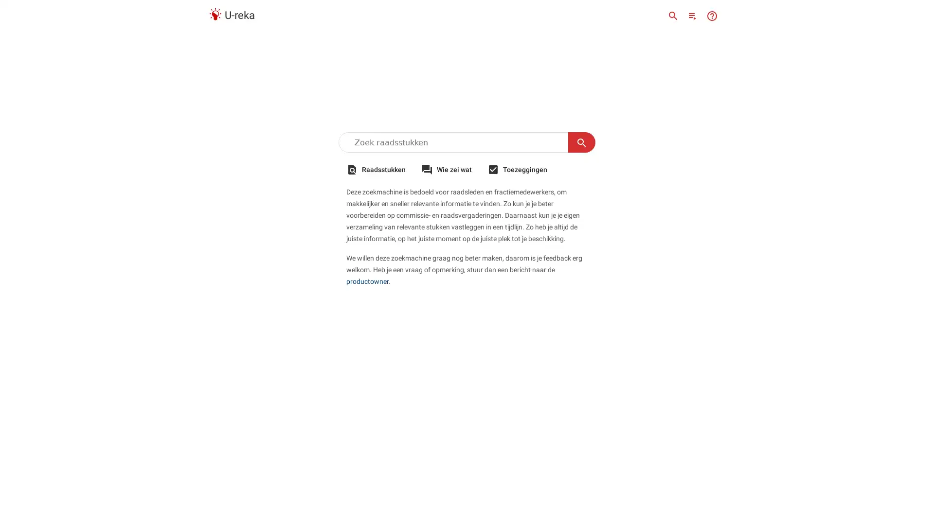 The width and height of the screenshot is (934, 525). Describe the element at coordinates (581, 142) in the screenshot. I see `Search` at that location.